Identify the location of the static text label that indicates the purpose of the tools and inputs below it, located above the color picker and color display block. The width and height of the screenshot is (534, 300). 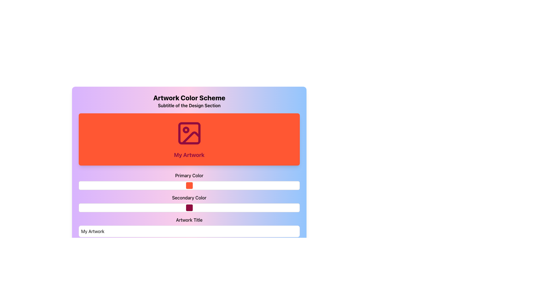
(189, 176).